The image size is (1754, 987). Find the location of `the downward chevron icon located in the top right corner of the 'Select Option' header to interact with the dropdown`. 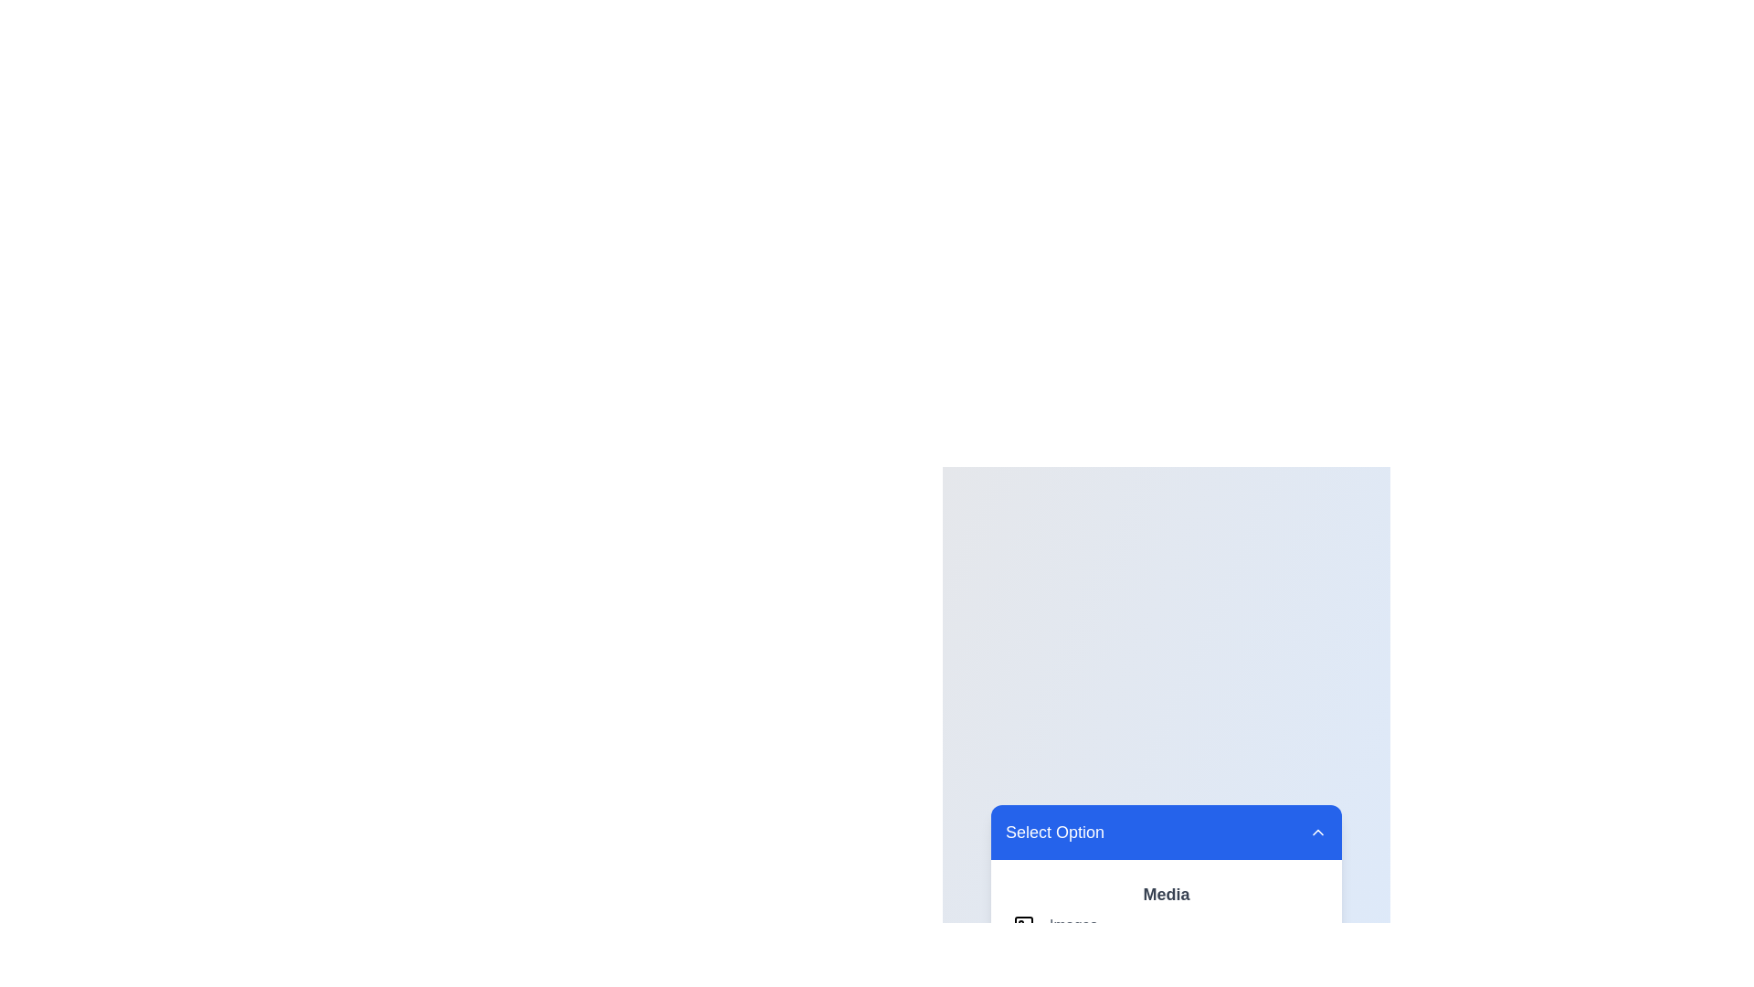

the downward chevron icon located in the top right corner of the 'Select Option' header to interact with the dropdown is located at coordinates (1318, 832).